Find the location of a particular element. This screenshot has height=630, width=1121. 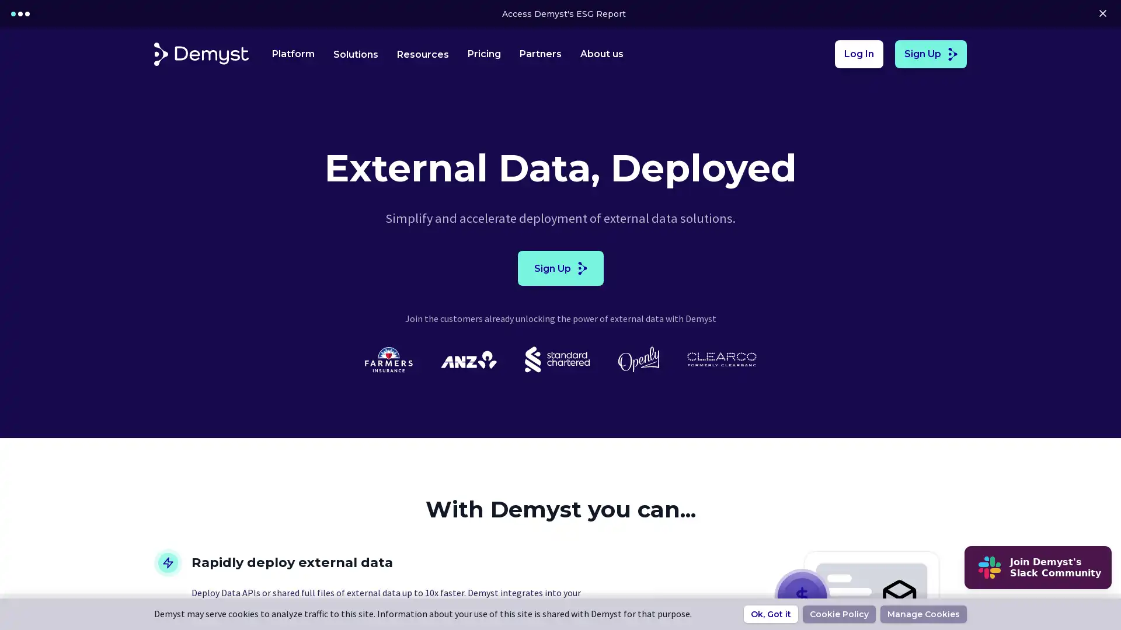

Resources is located at coordinates (422, 54).